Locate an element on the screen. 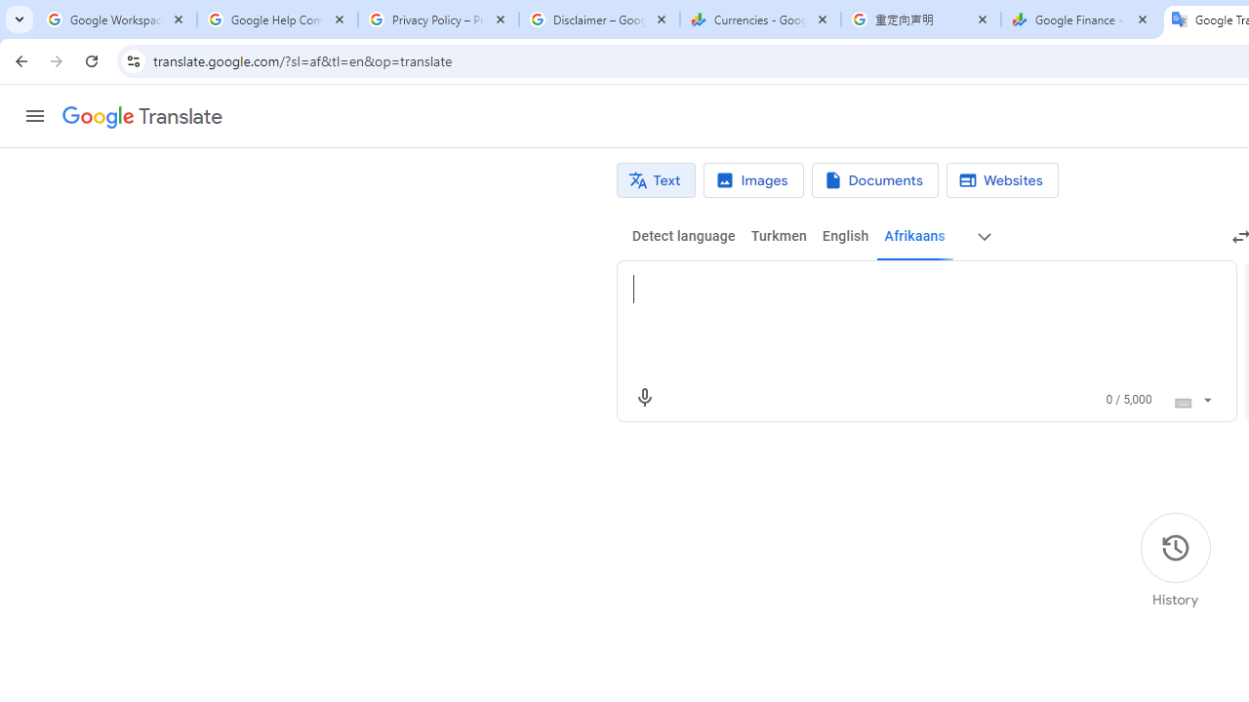  'Google Workspace Admin Community' is located at coordinates (115, 19).